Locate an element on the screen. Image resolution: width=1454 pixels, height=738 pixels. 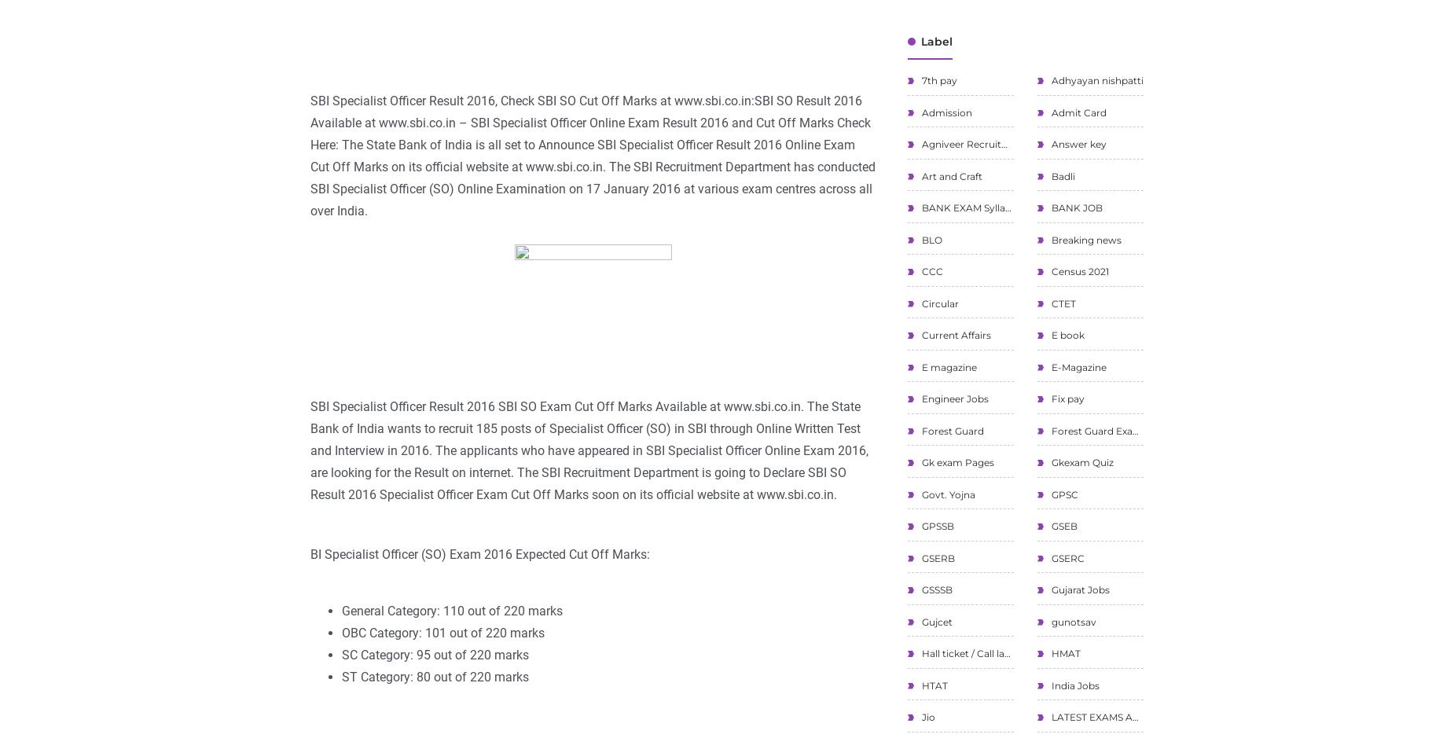
'GPSSB' is located at coordinates (935, 526).